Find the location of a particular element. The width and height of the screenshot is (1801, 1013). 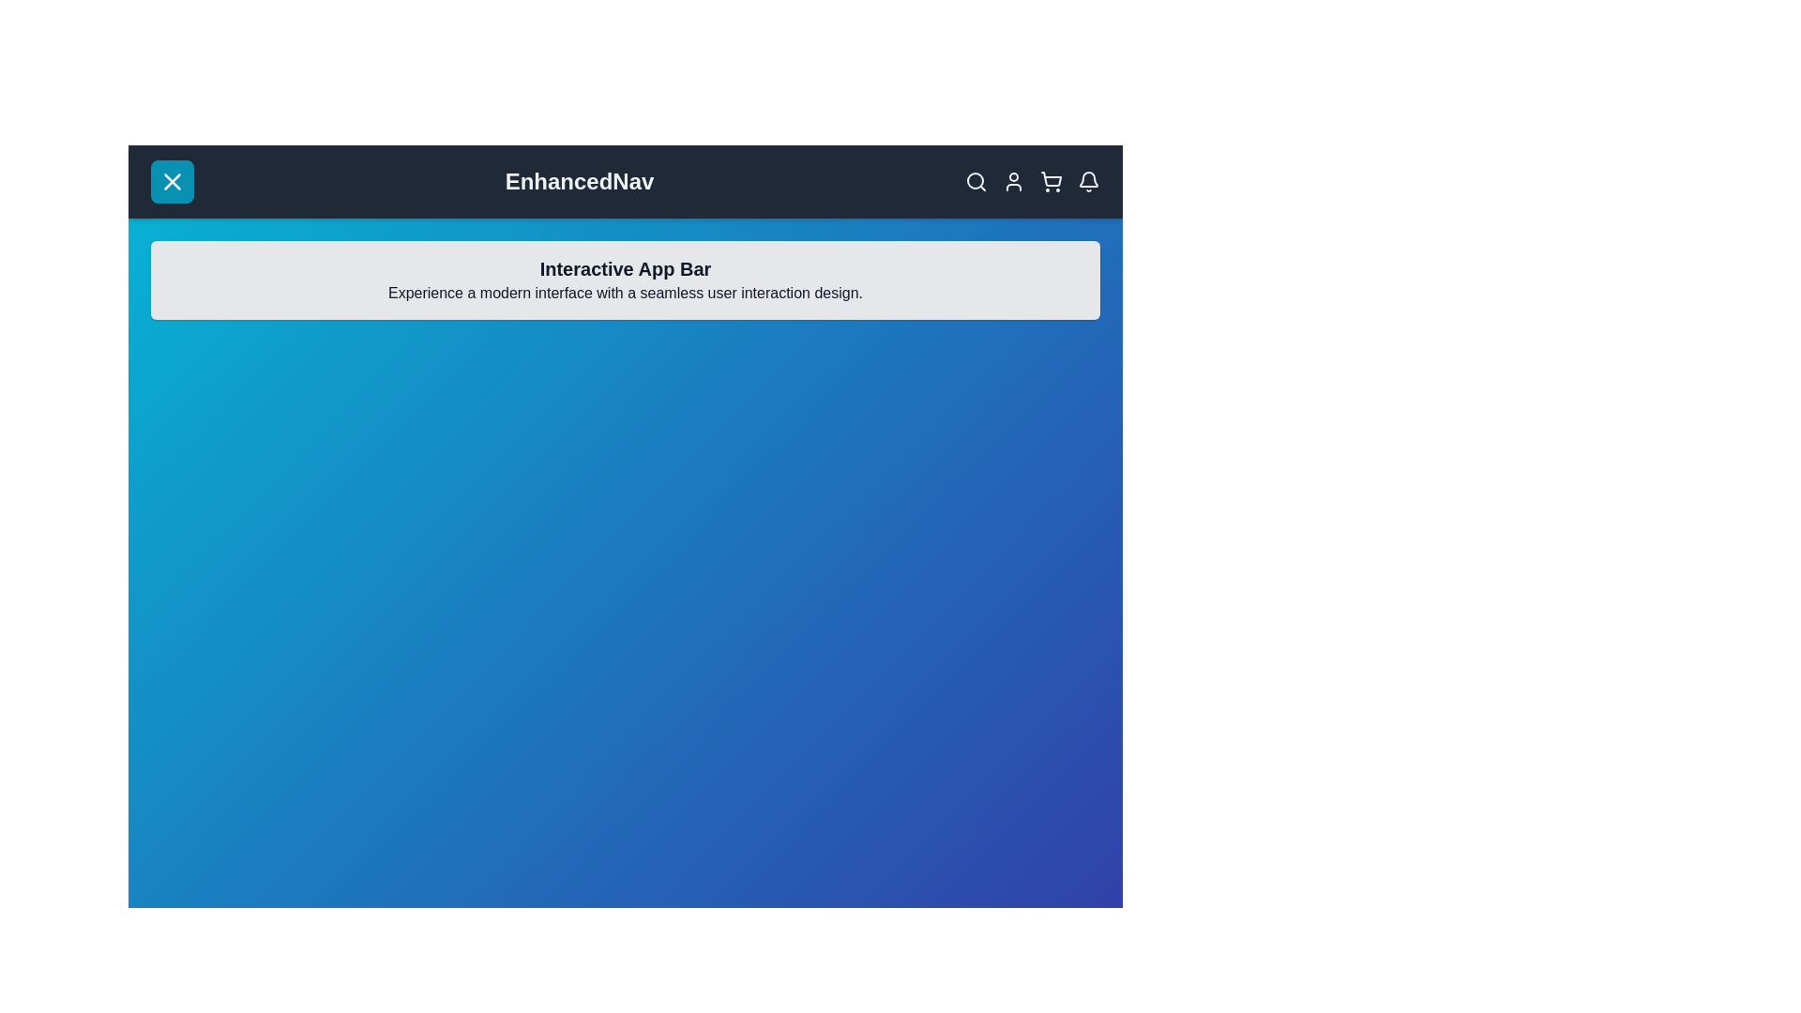

the notifications bell icon in the top-right corner of the app bar is located at coordinates (1089, 181).